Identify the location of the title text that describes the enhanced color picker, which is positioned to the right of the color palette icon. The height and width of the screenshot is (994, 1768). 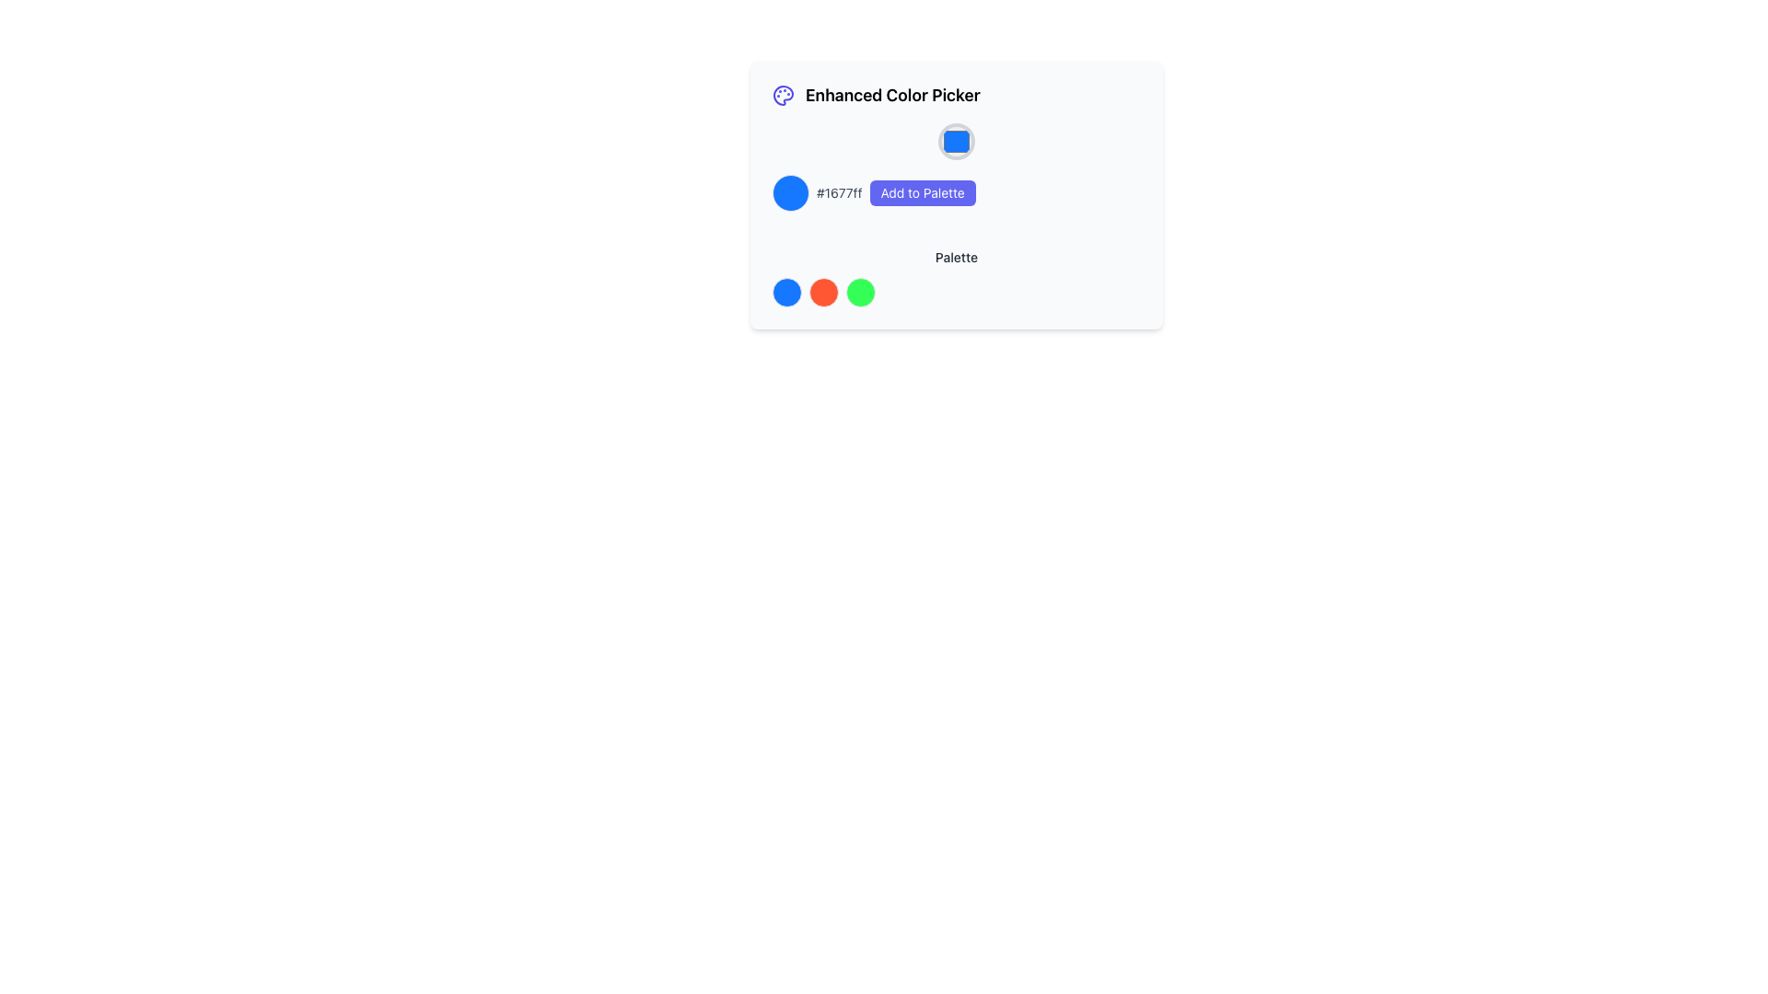
(892, 96).